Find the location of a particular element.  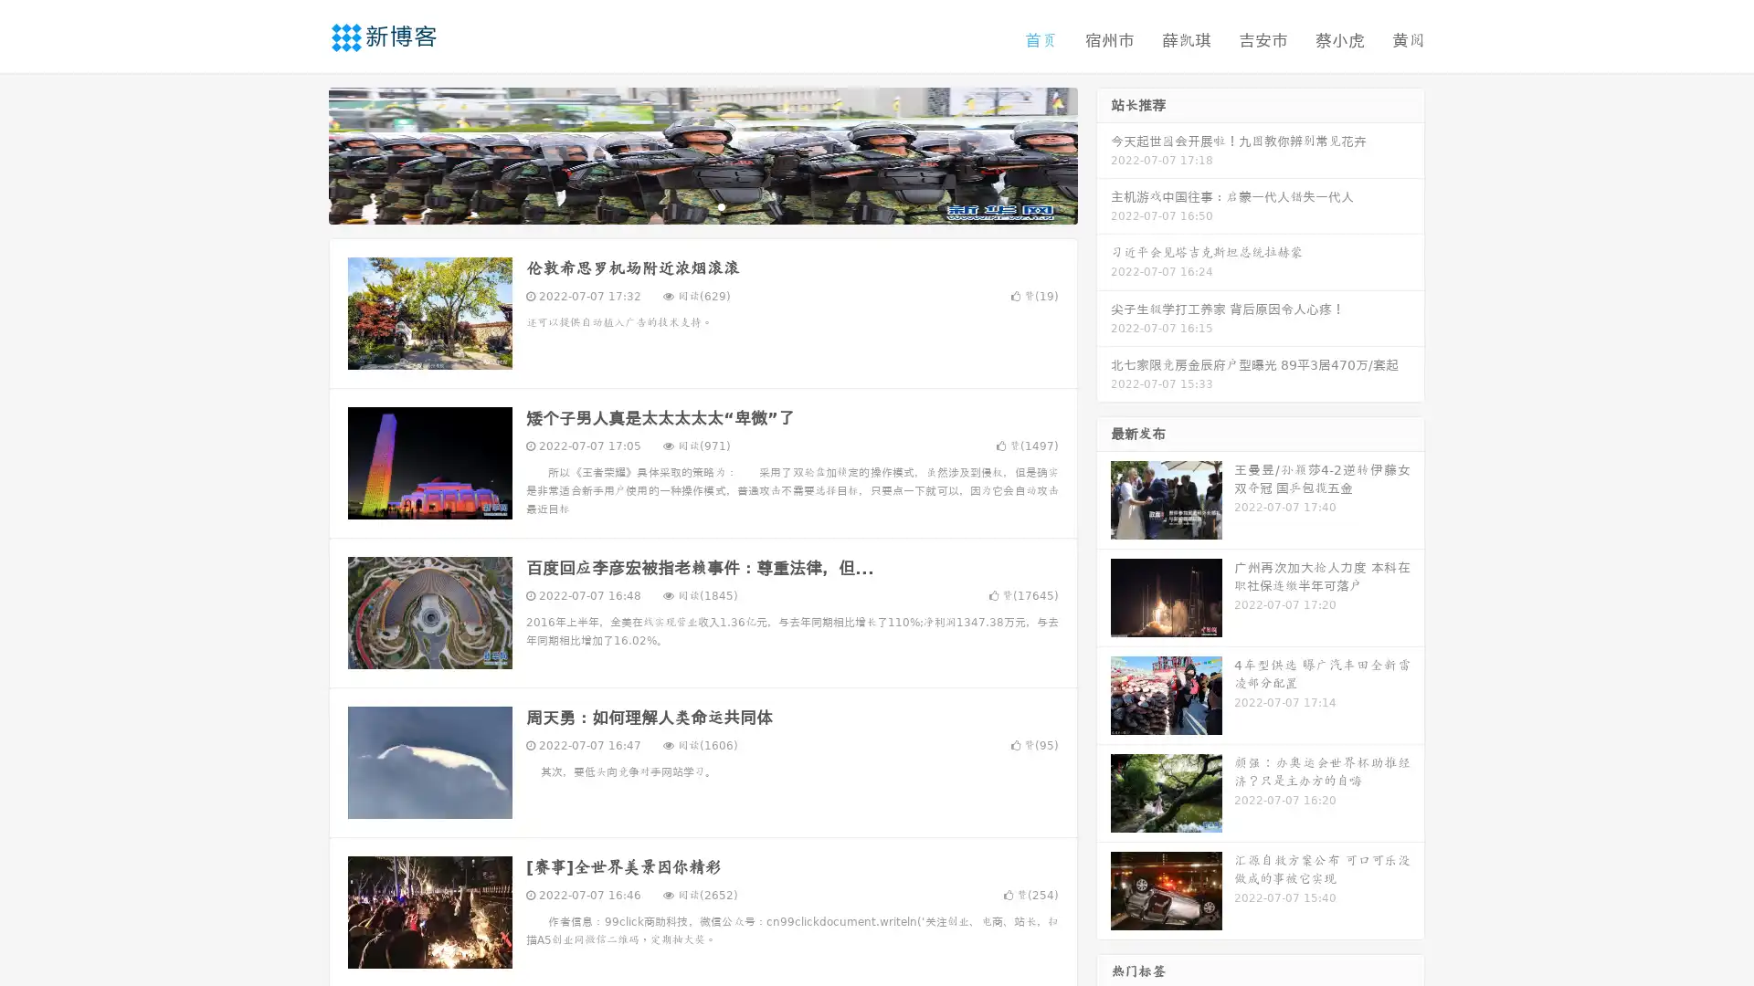

Go to slide 1 is located at coordinates (683, 205).